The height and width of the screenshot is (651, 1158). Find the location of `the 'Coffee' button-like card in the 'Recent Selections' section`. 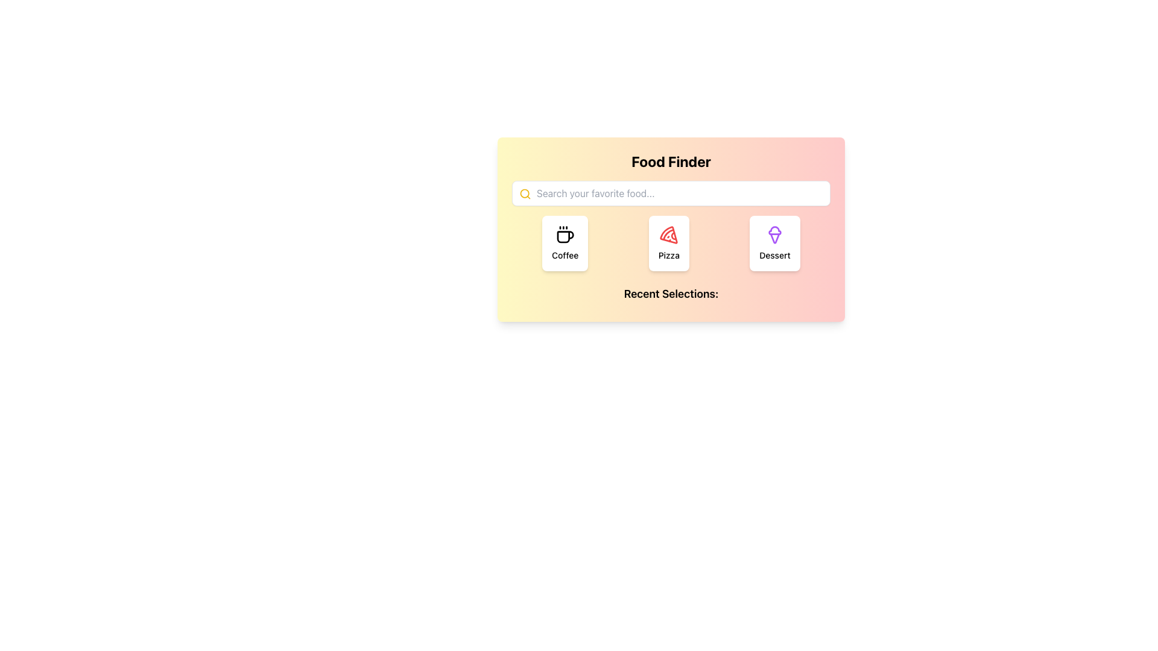

the 'Coffee' button-like card in the 'Recent Selections' section is located at coordinates (565, 244).